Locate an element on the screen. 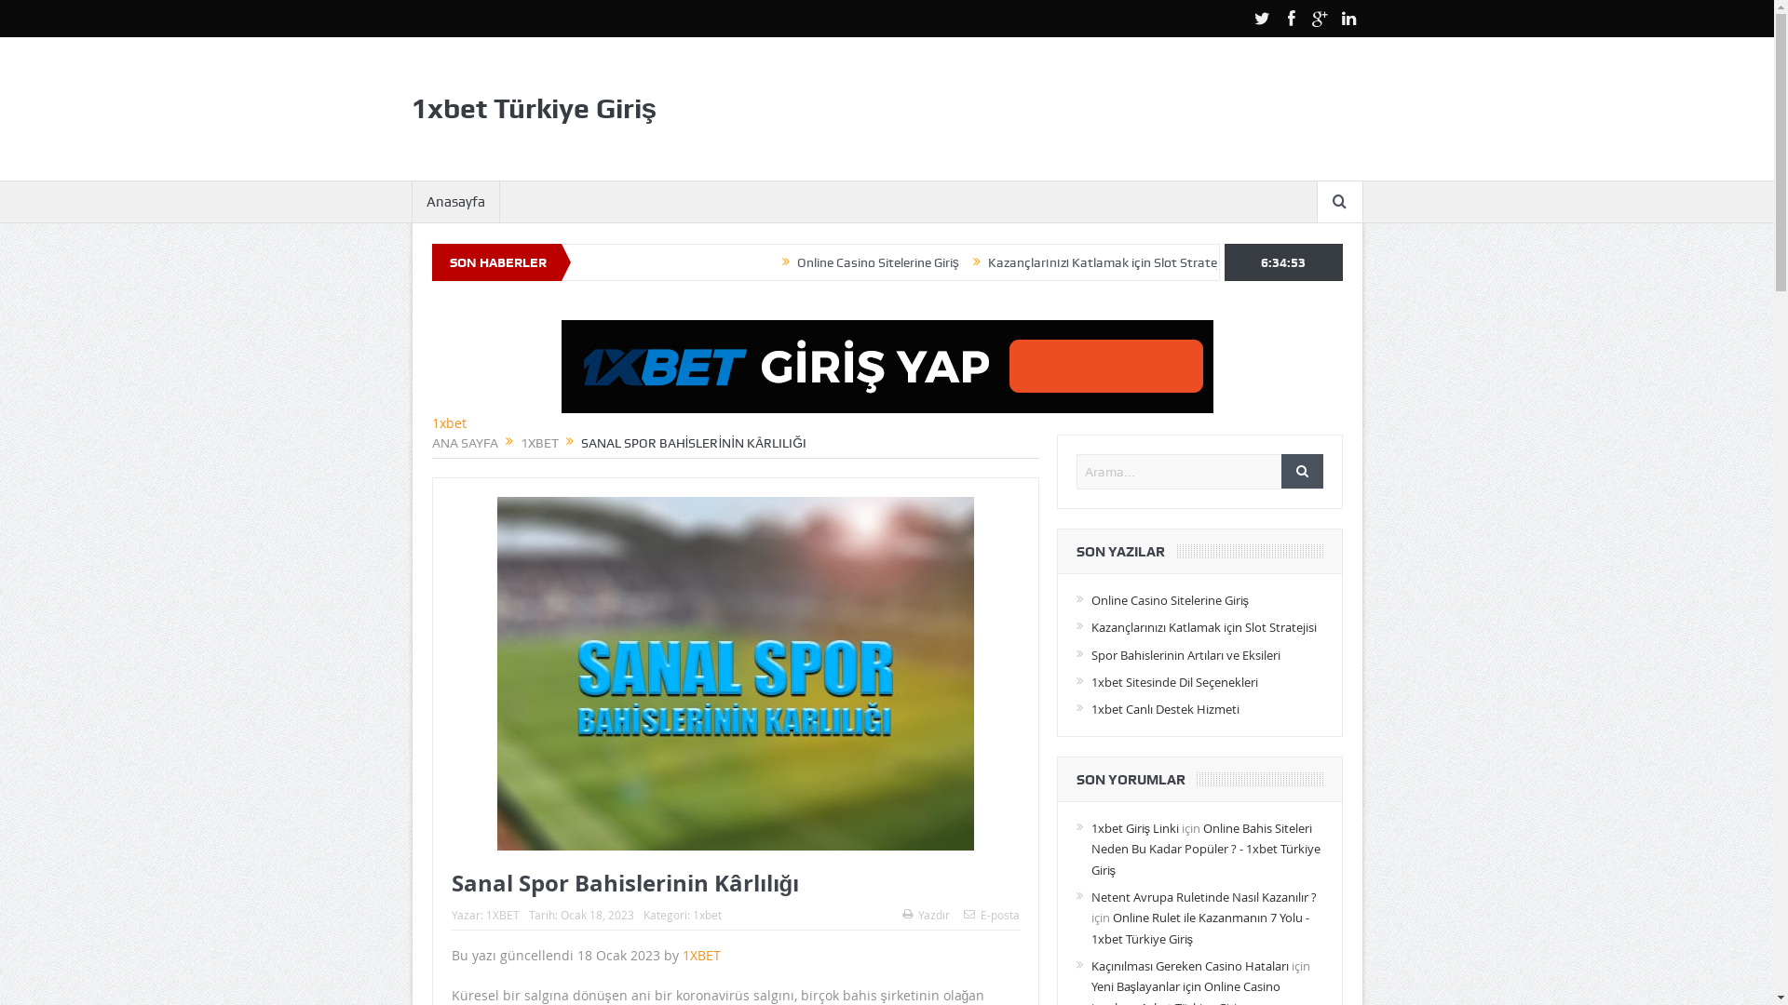  '1xbet' is located at coordinates (706, 914).